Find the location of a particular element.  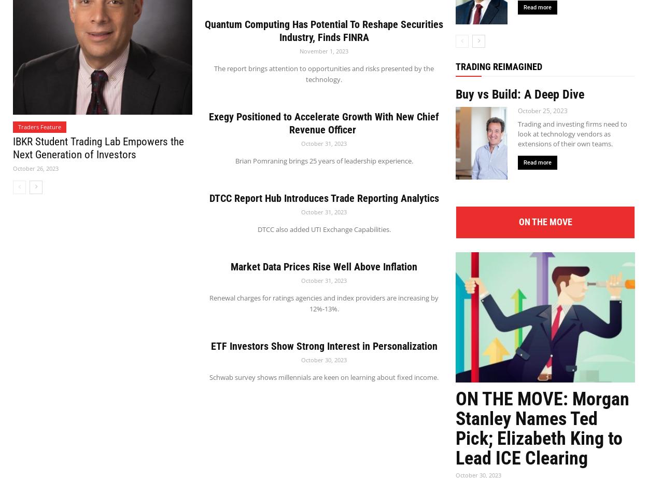

'Market Data Prices Rise Well Above Inflation' is located at coordinates (230, 265).